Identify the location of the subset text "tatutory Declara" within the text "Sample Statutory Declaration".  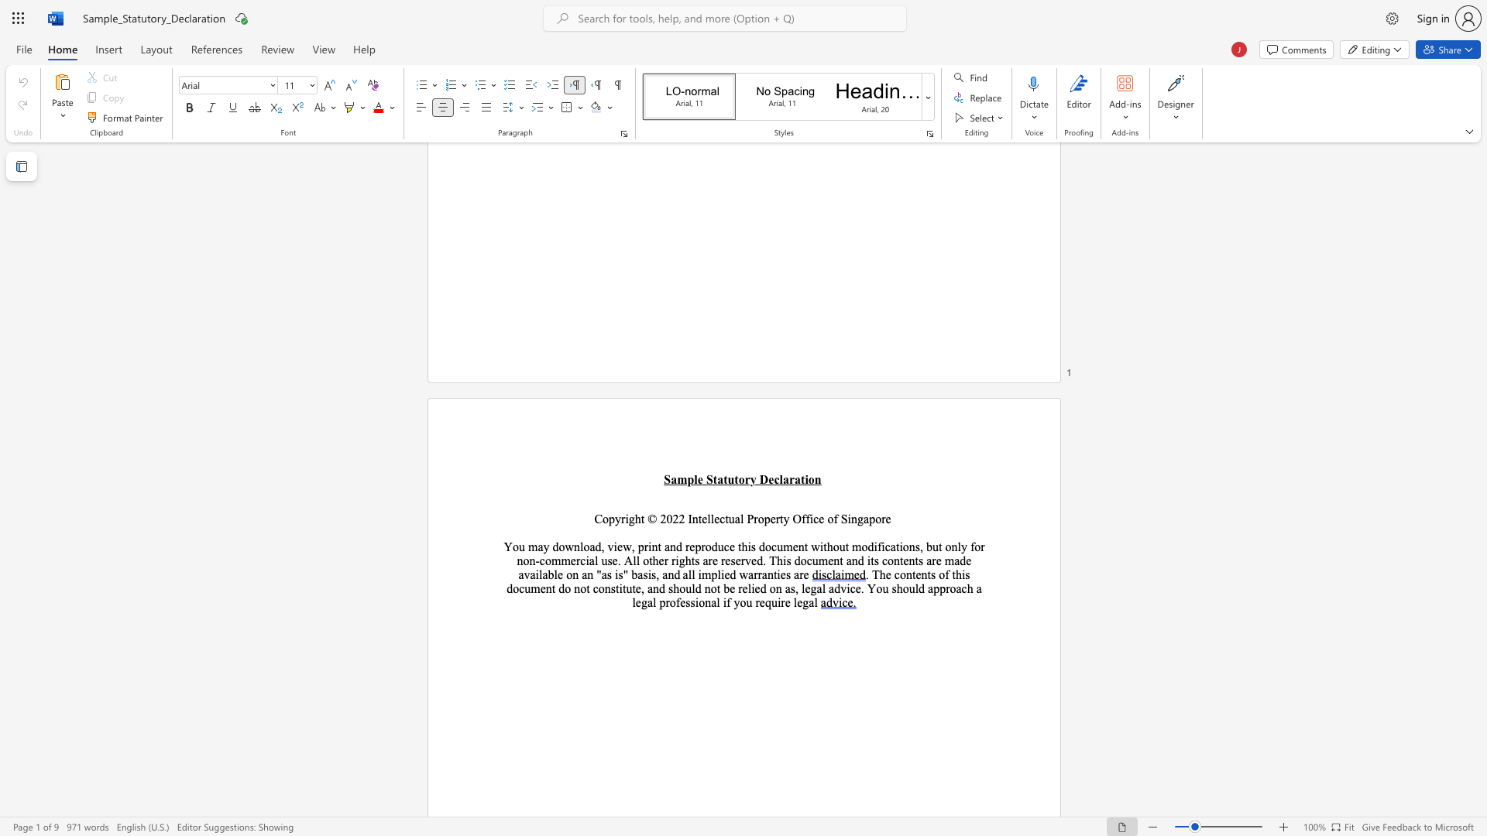
(712, 478).